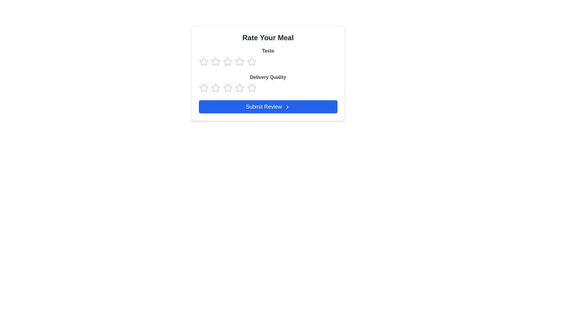 This screenshot has width=576, height=324. What do you see at coordinates (239, 61) in the screenshot?
I see `the second star from the left in the row of five stars under the 'Taste' category` at bounding box center [239, 61].